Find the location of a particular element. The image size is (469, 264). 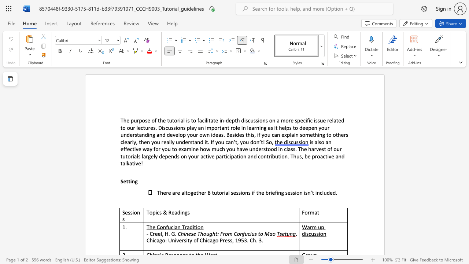

the subset text "ut" within the text "The purpose of the tutorial is to" is located at coordinates (169, 120).